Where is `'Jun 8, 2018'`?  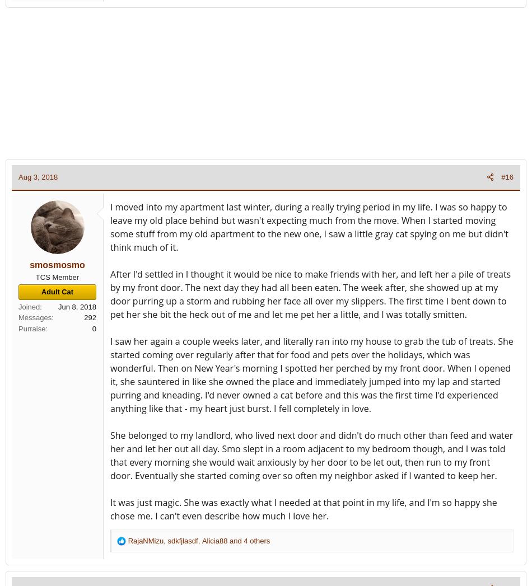 'Jun 8, 2018' is located at coordinates (58, 306).